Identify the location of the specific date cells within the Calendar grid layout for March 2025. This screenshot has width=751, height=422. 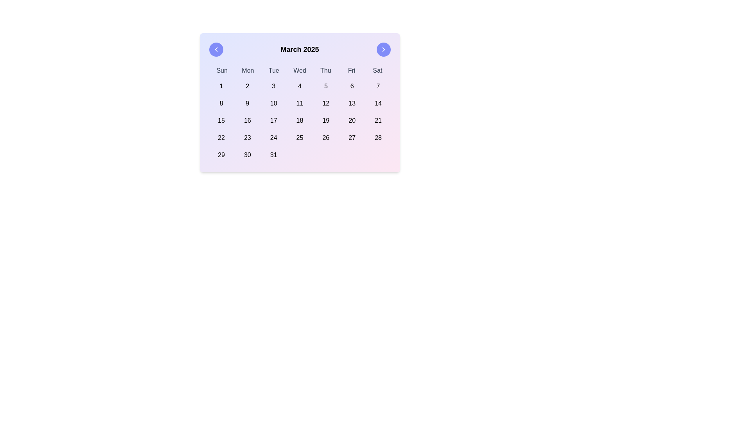
(299, 120).